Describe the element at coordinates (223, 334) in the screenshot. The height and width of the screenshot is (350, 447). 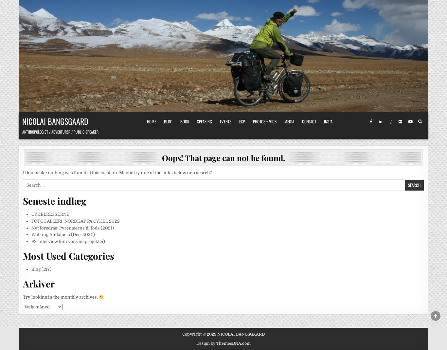
I see `'Copyright © 2023 NICOLAI BANGSGAARD'` at that location.